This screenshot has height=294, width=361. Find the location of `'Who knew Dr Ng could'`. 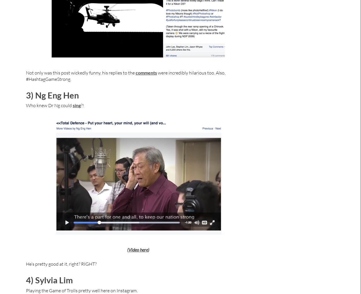

'Who knew Dr Ng could' is located at coordinates (49, 105).